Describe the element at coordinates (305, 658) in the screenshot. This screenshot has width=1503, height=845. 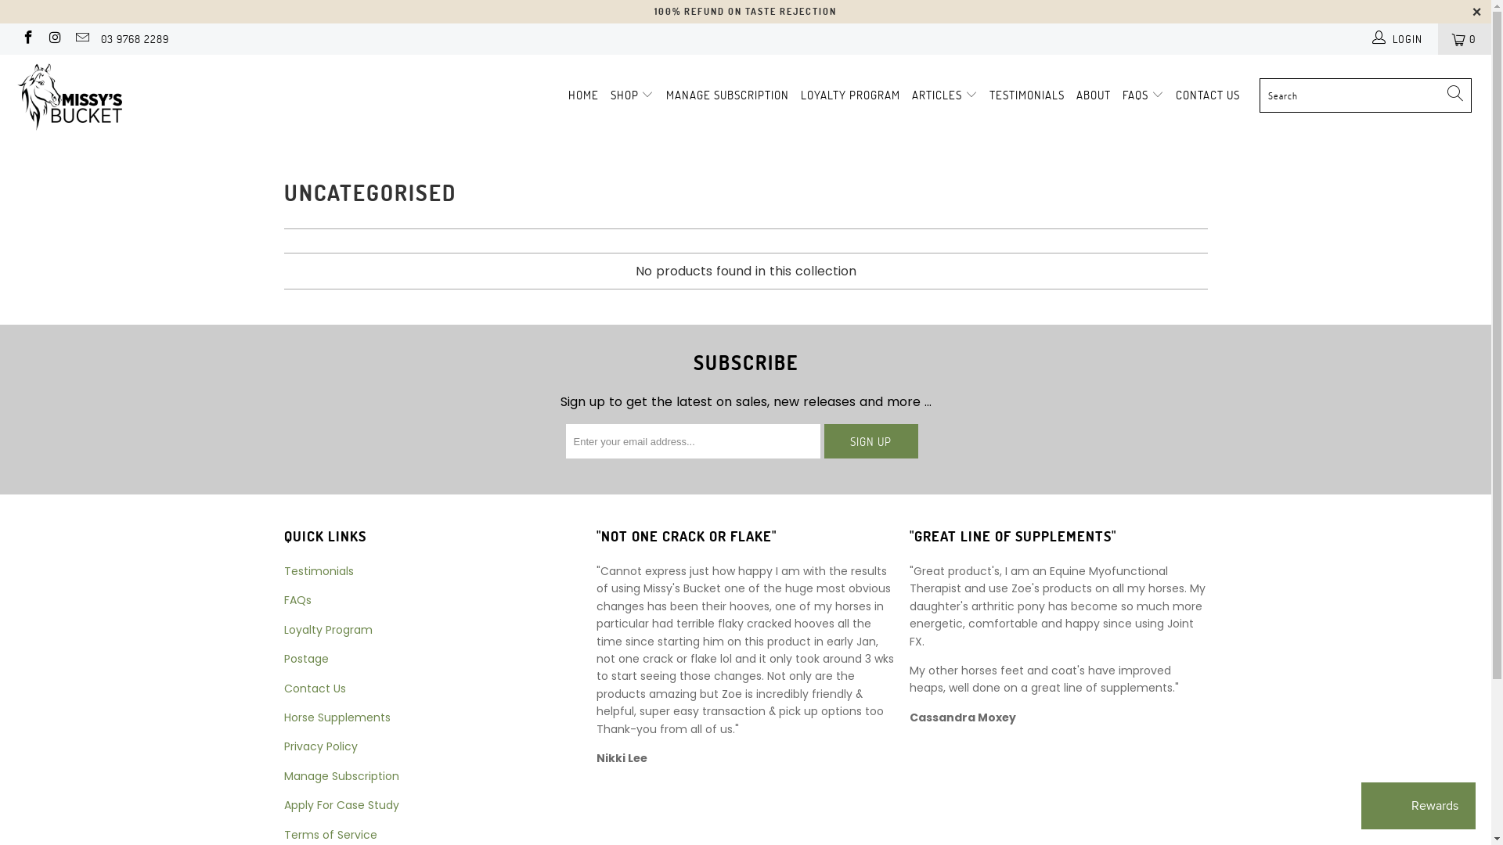
I see `'Postage'` at that location.